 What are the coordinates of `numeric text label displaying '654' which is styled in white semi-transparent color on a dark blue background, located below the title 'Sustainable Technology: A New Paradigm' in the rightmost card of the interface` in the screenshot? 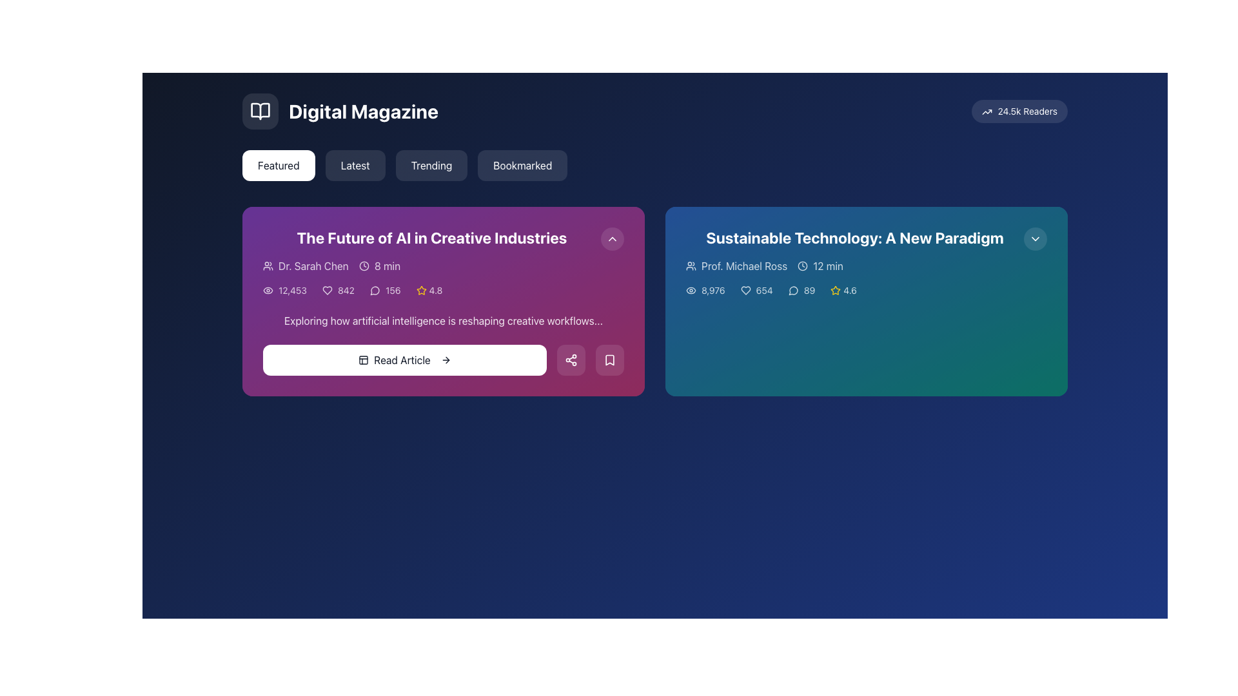 It's located at (756, 291).